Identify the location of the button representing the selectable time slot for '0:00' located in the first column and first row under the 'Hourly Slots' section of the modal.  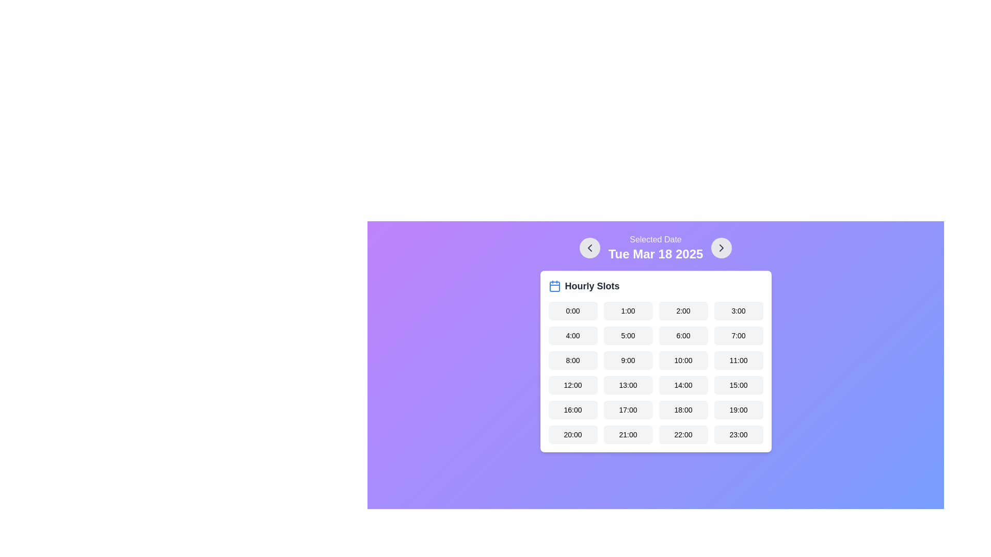
(572, 310).